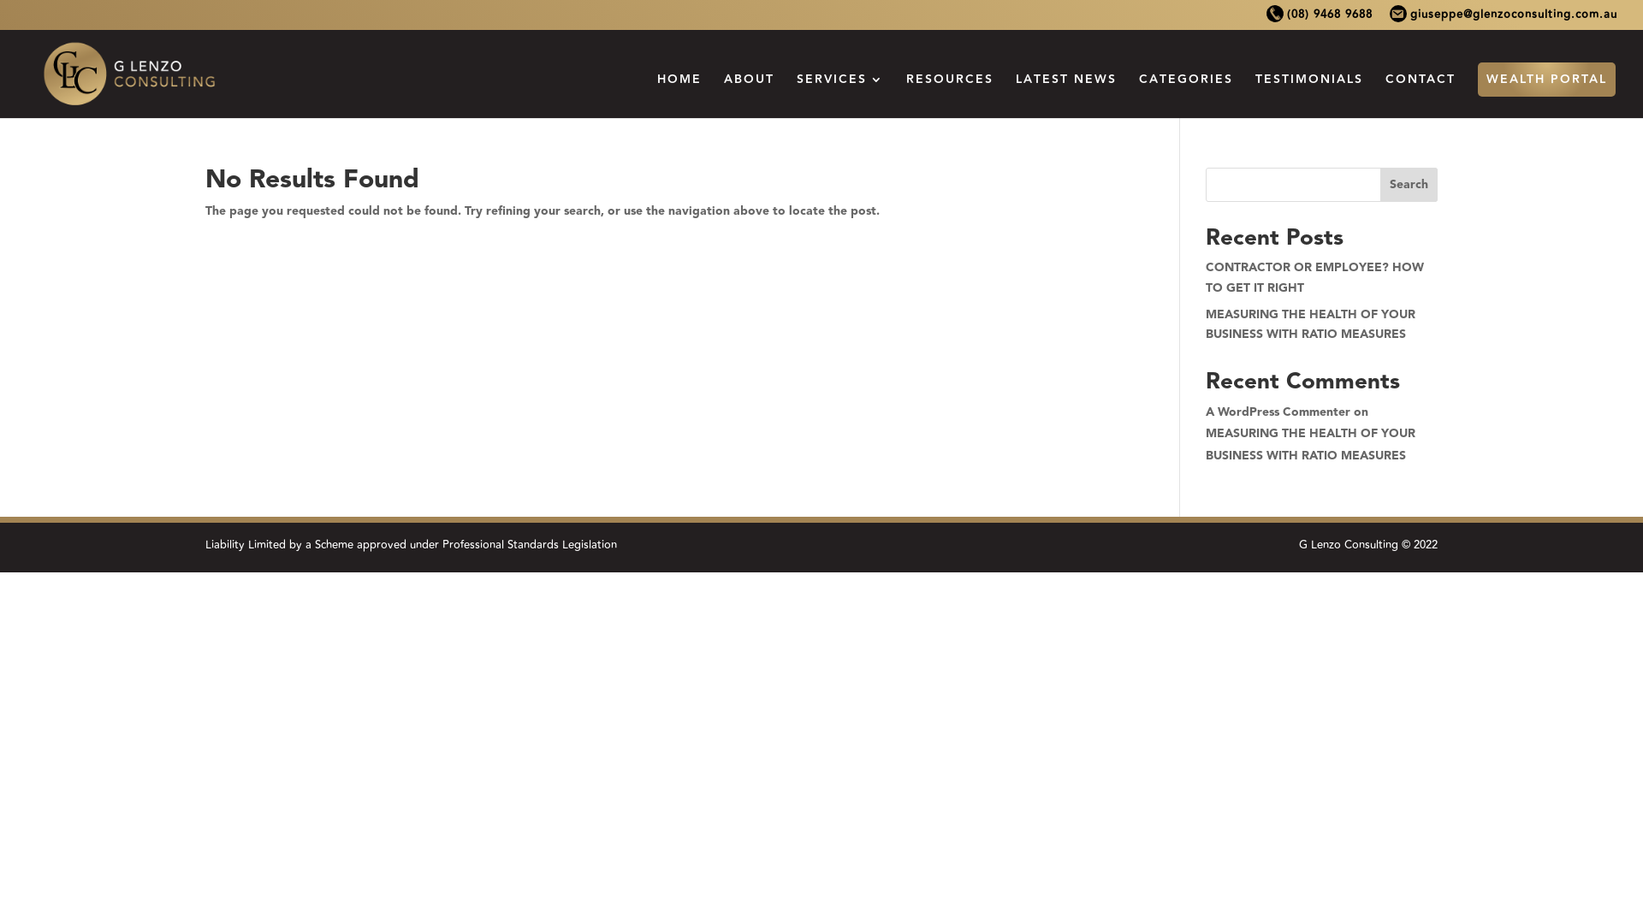 The width and height of the screenshot is (1643, 924). Describe the element at coordinates (749, 95) in the screenshot. I see `'ABOUT'` at that location.